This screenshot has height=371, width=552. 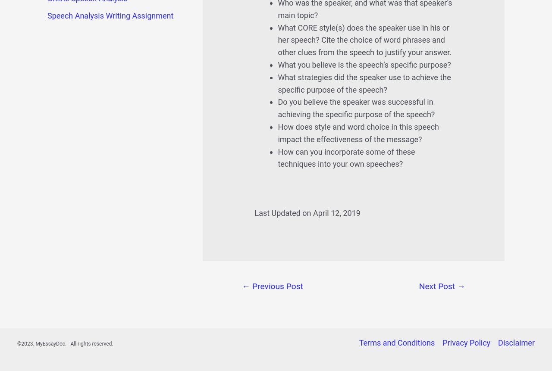 I want to click on 'Privacy Policy', so click(x=442, y=343).